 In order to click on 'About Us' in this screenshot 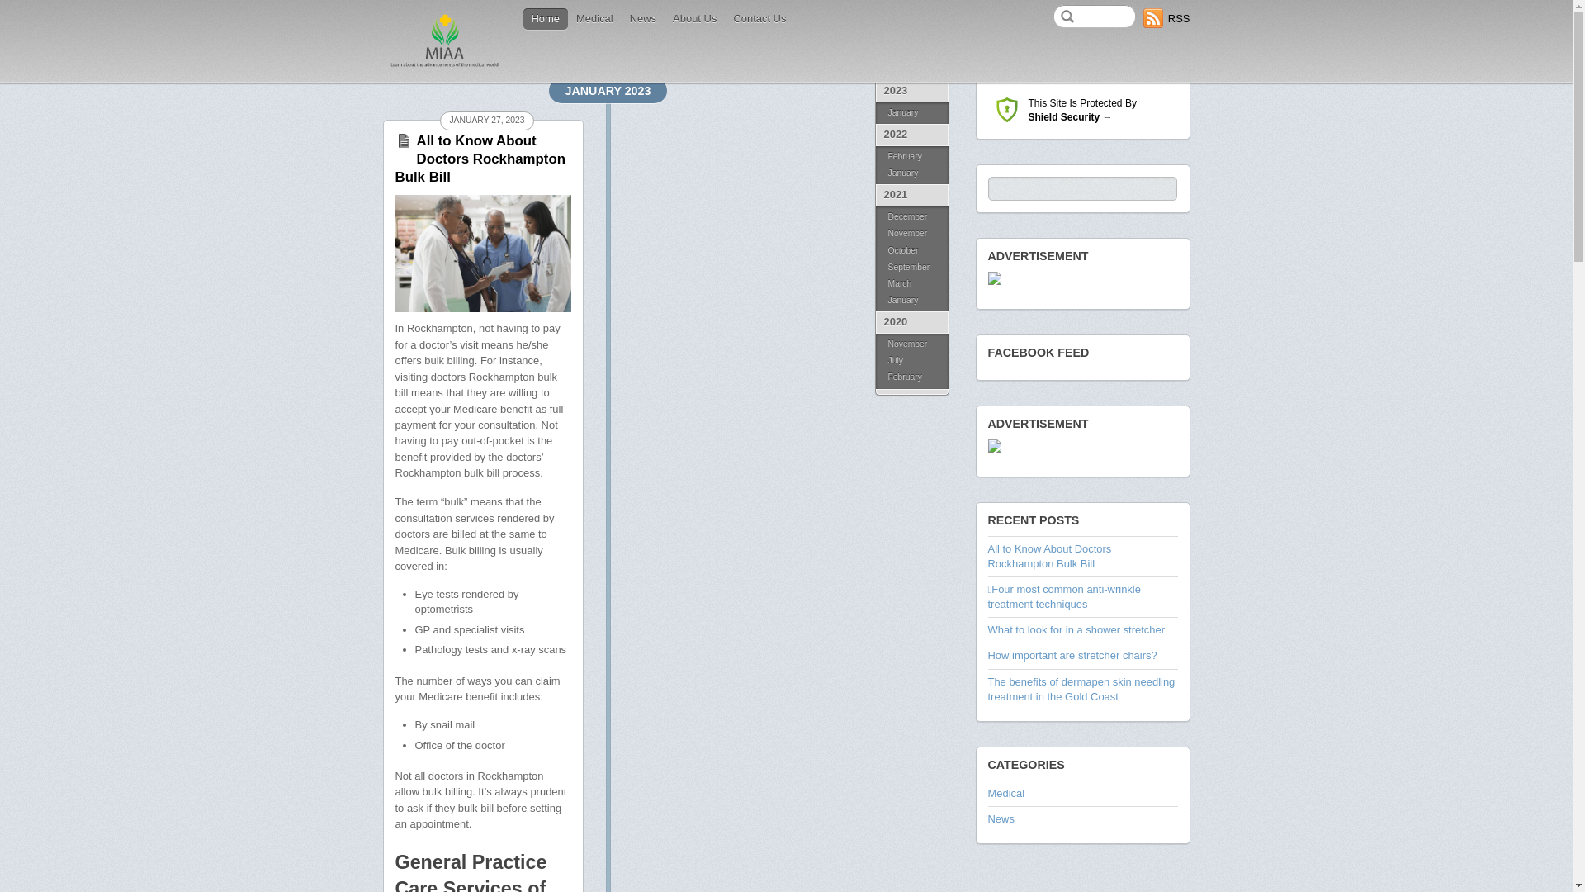, I will do `click(694, 19)`.